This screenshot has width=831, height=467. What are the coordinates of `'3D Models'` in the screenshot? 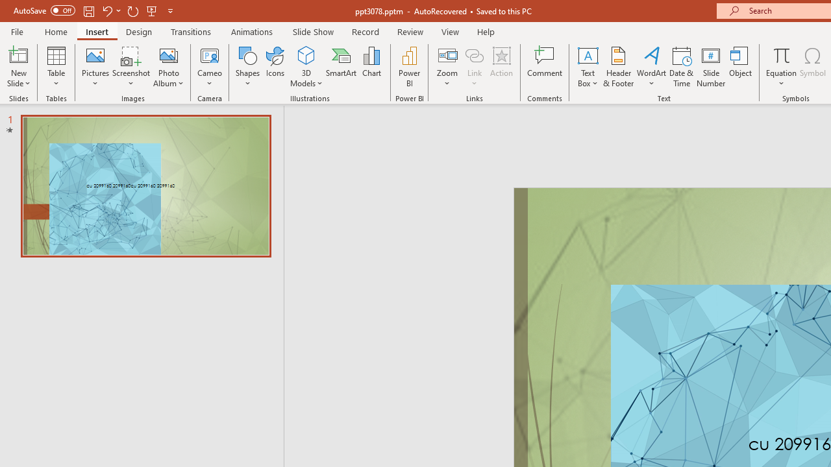 It's located at (306, 54).